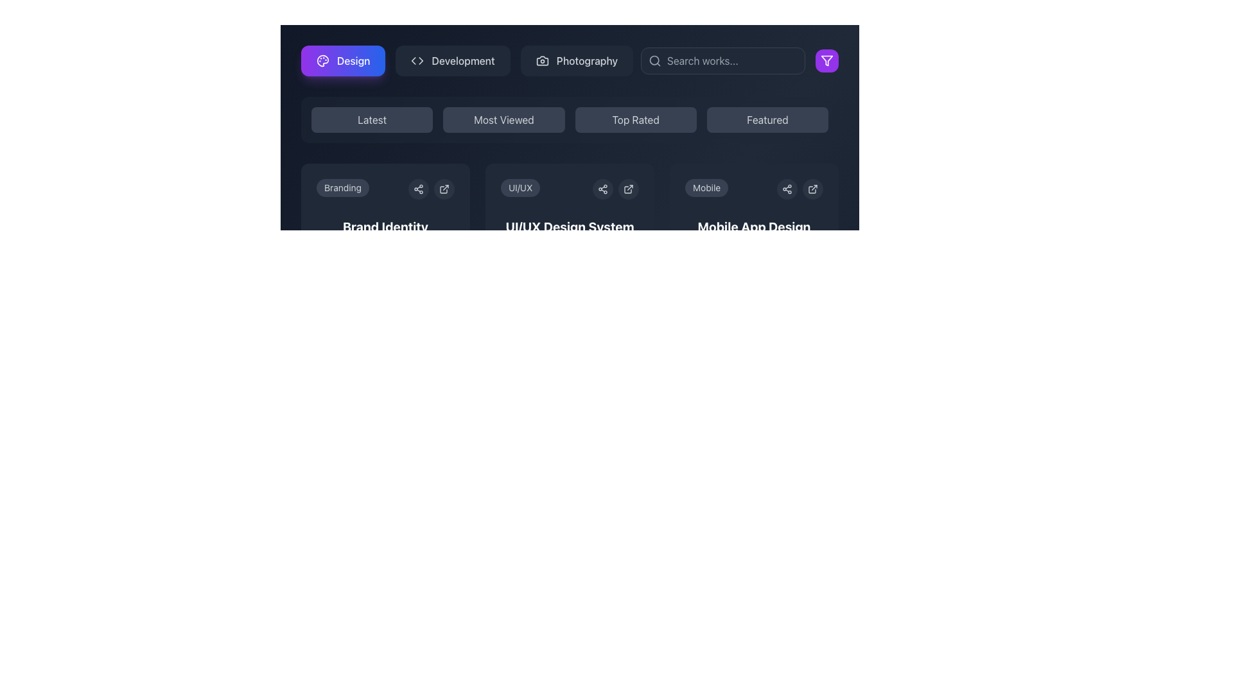 The image size is (1233, 693). Describe the element at coordinates (576, 61) in the screenshot. I see `the photography button, which is the third item in a horizontal list of buttons` at that location.